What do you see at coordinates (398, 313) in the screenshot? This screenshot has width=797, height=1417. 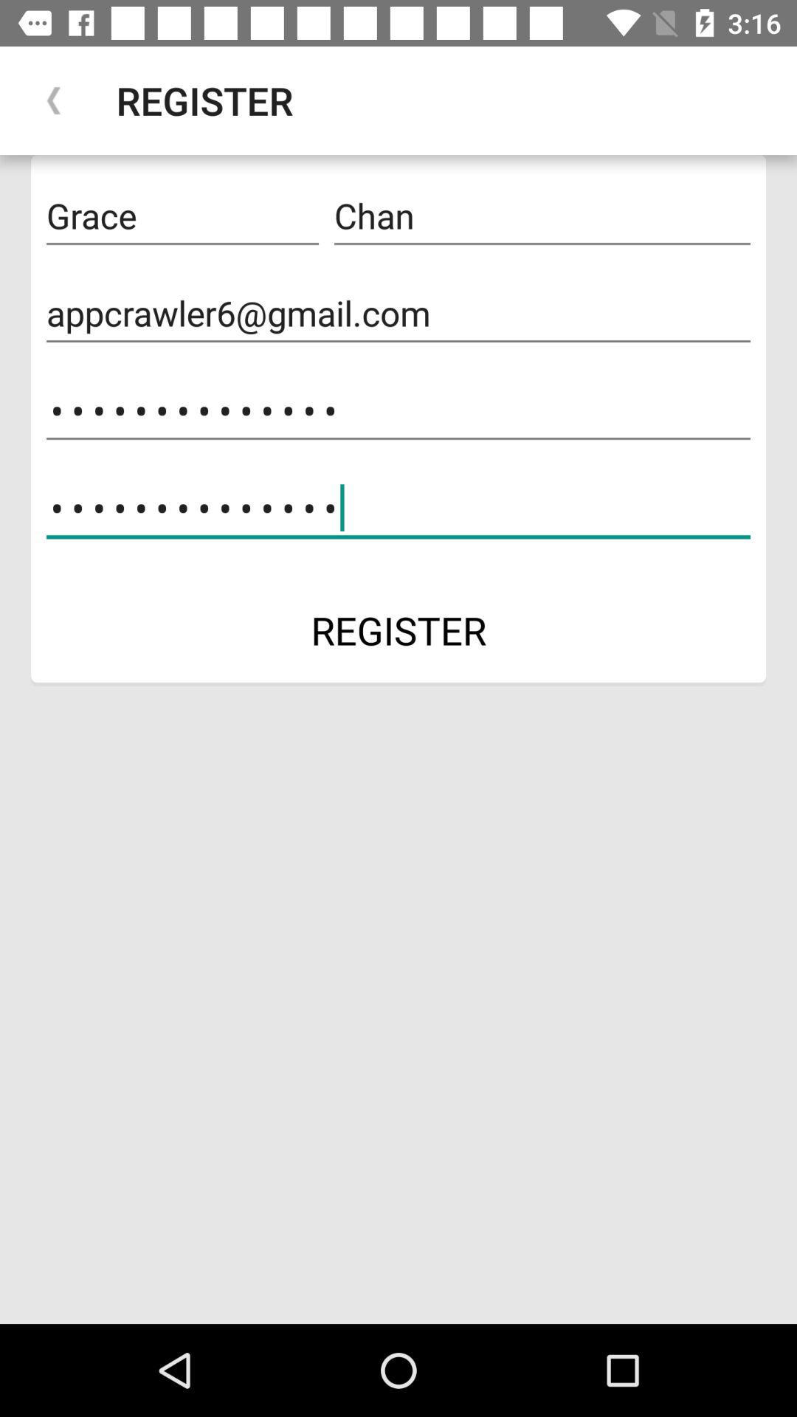 I see `the appcrawler6@gmail.com` at bounding box center [398, 313].